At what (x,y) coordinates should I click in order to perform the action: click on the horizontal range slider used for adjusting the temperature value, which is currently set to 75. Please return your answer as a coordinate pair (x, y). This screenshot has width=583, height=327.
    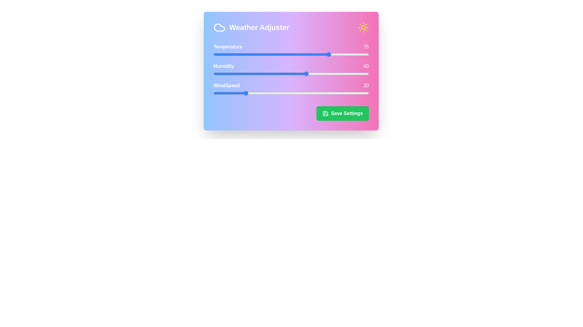
    Looking at the image, I should click on (291, 54).